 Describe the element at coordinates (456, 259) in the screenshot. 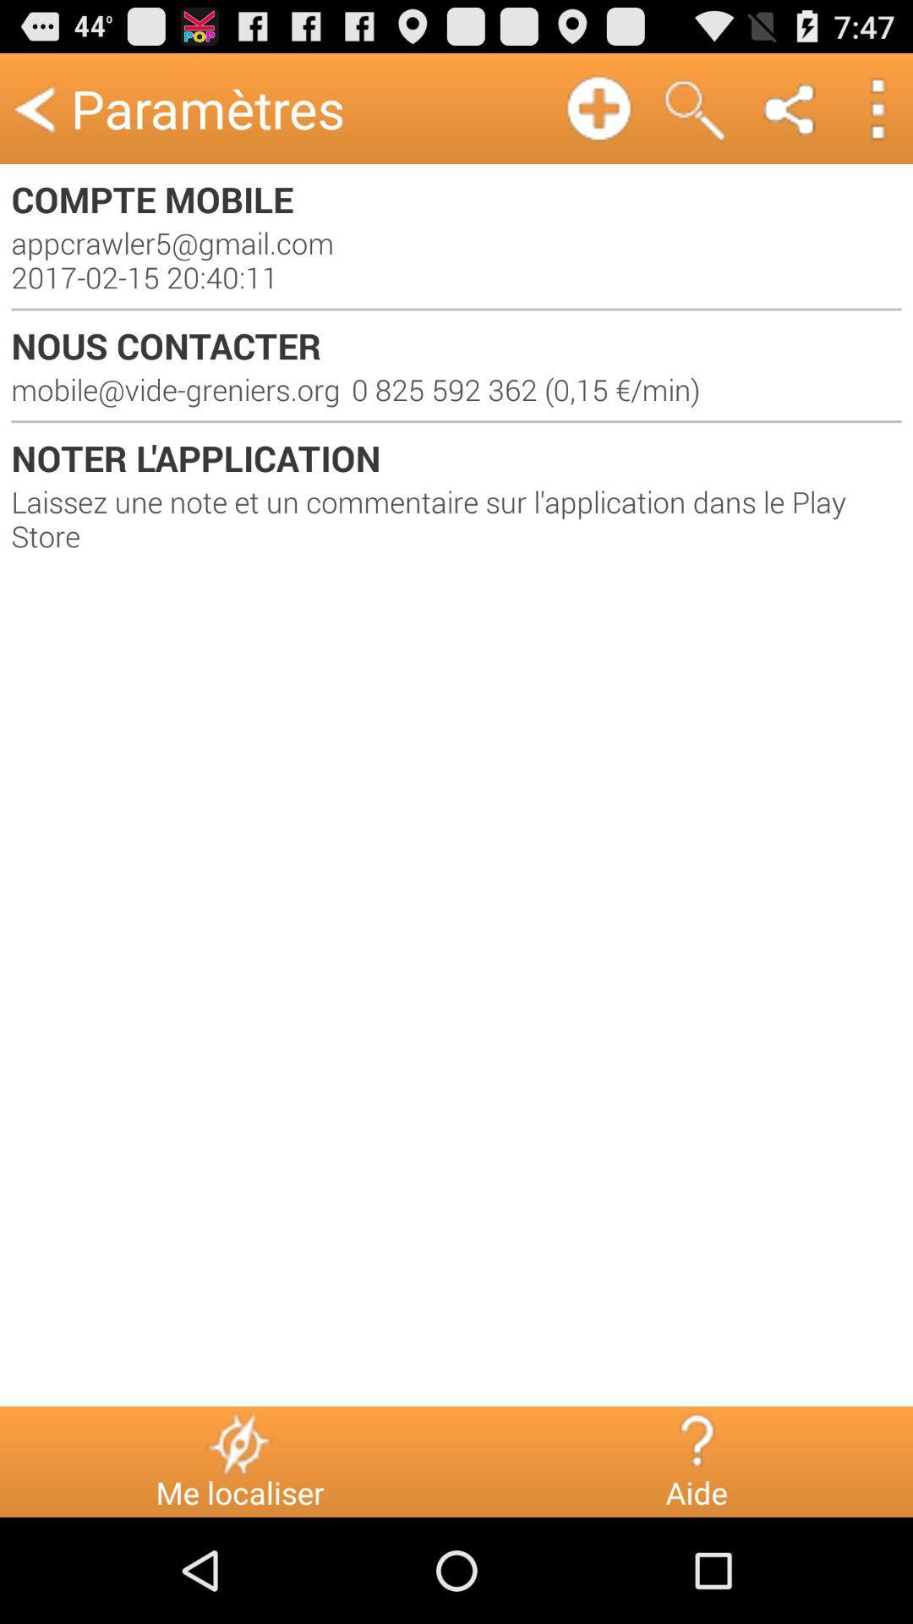

I see `icon below compte mobile` at that location.